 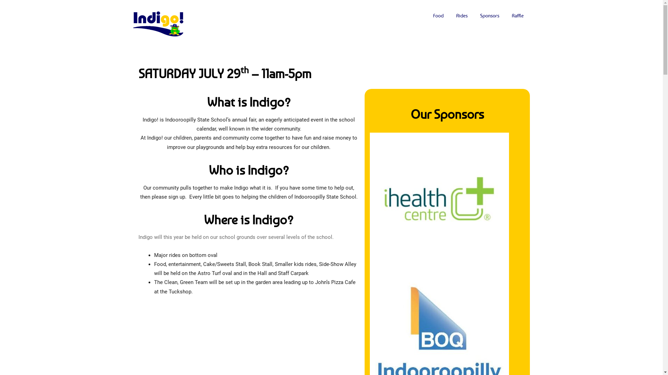 I want to click on 'Rides', so click(x=461, y=16).